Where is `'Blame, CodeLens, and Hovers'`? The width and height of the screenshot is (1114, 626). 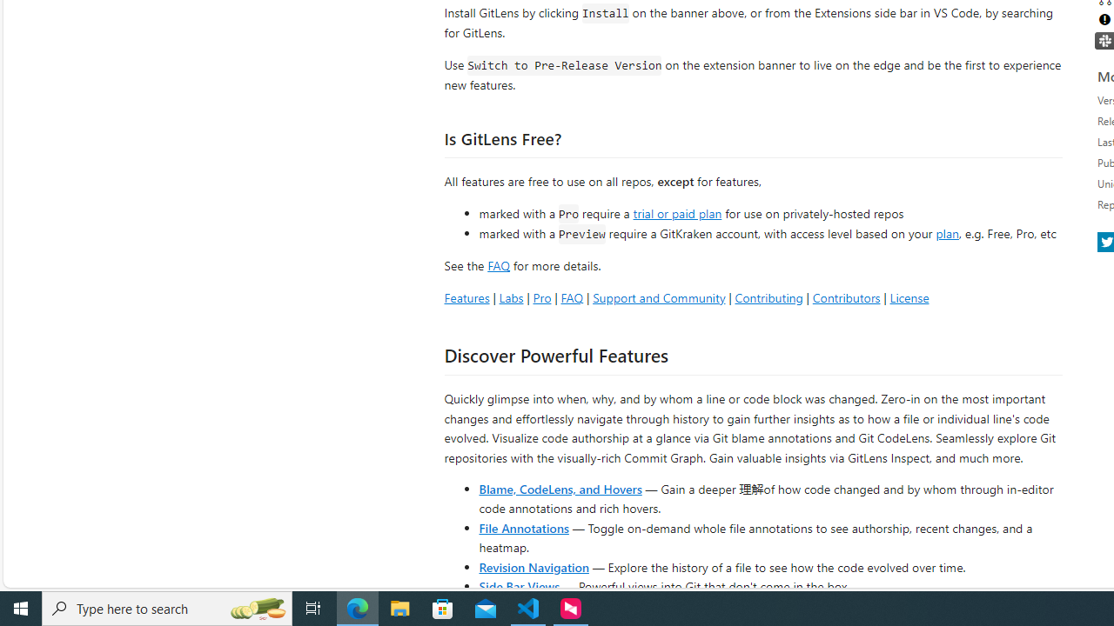
'Blame, CodeLens, and Hovers' is located at coordinates (560, 488).